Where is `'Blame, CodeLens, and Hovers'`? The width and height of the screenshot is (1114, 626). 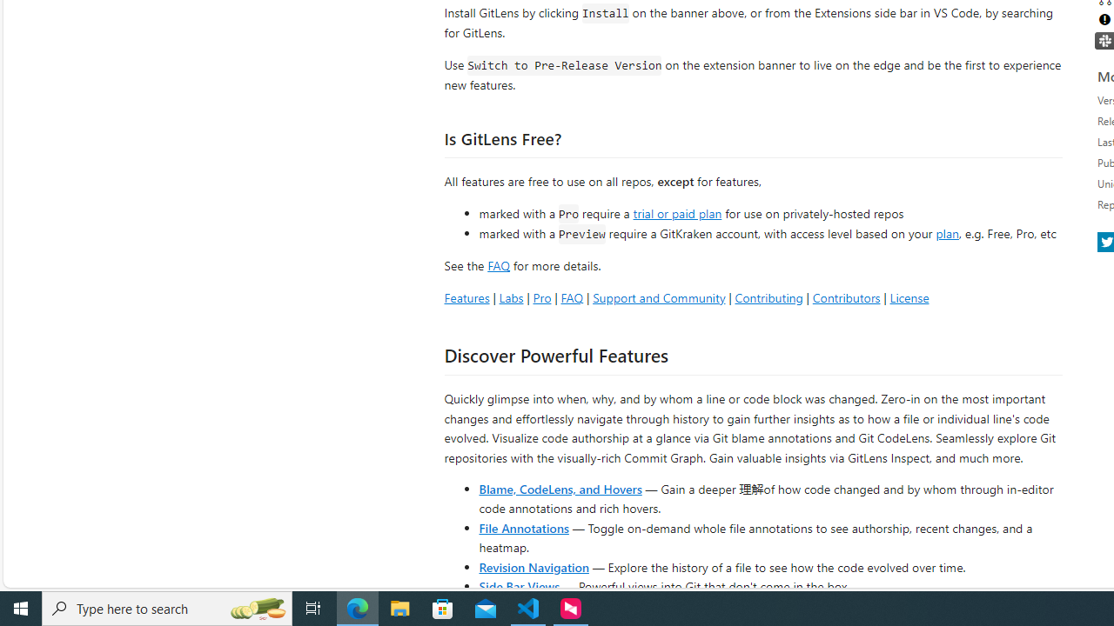
'Blame, CodeLens, and Hovers' is located at coordinates (560, 488).